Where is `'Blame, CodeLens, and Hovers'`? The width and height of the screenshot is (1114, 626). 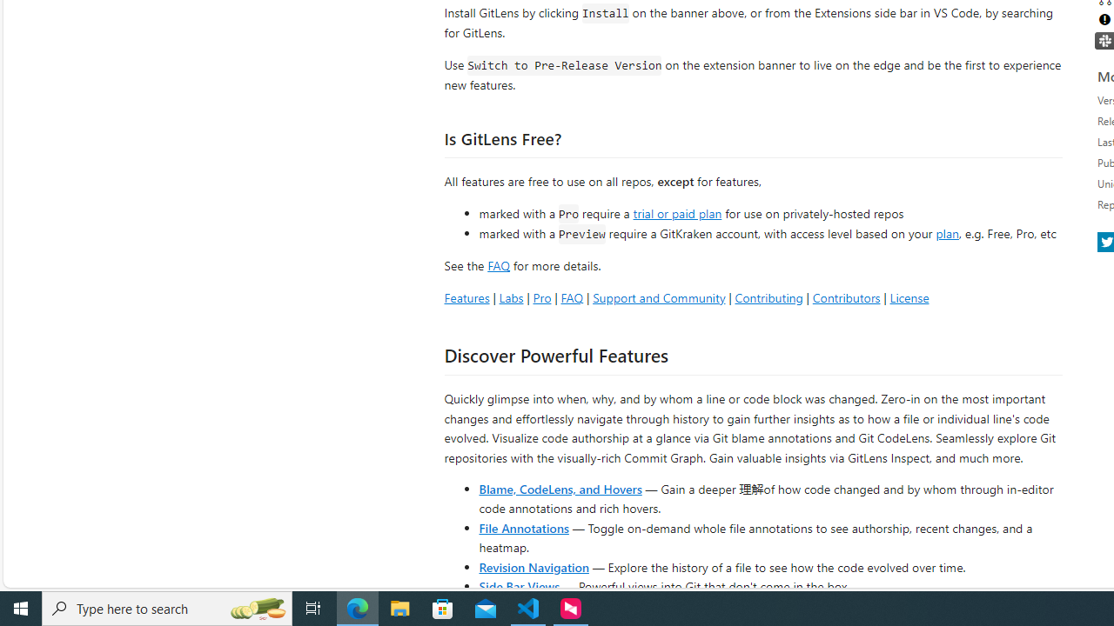
'Blame, CodeLens, and Hovers' is located at coordinates (560, 488).